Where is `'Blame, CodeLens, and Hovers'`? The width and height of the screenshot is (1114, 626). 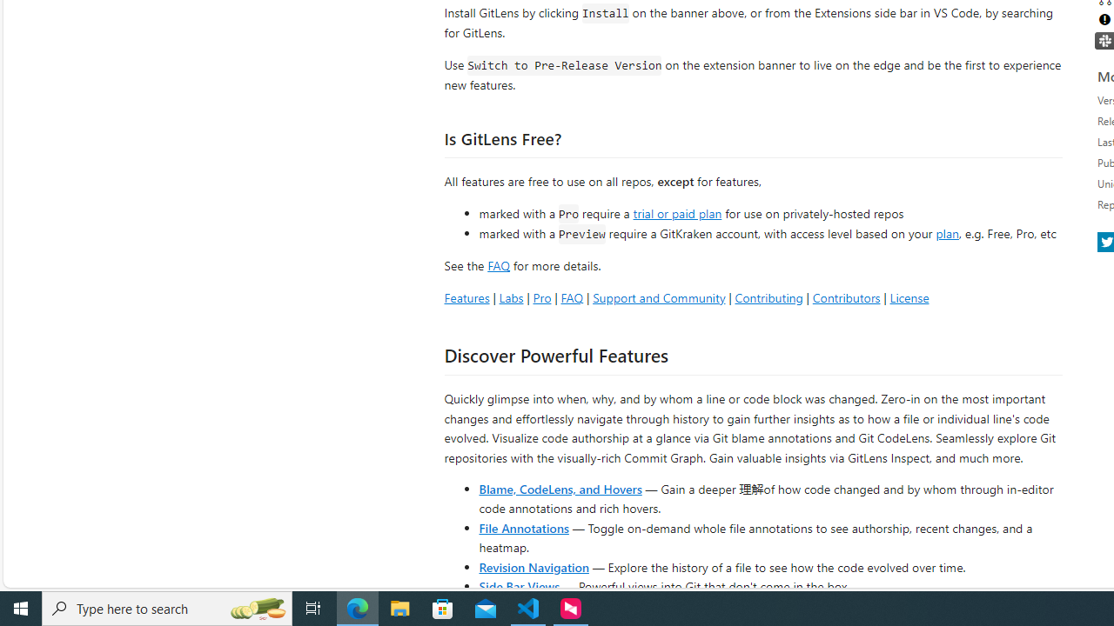
'Blame, CodeLens, and Hovers' is located at coordinates (560, 488).